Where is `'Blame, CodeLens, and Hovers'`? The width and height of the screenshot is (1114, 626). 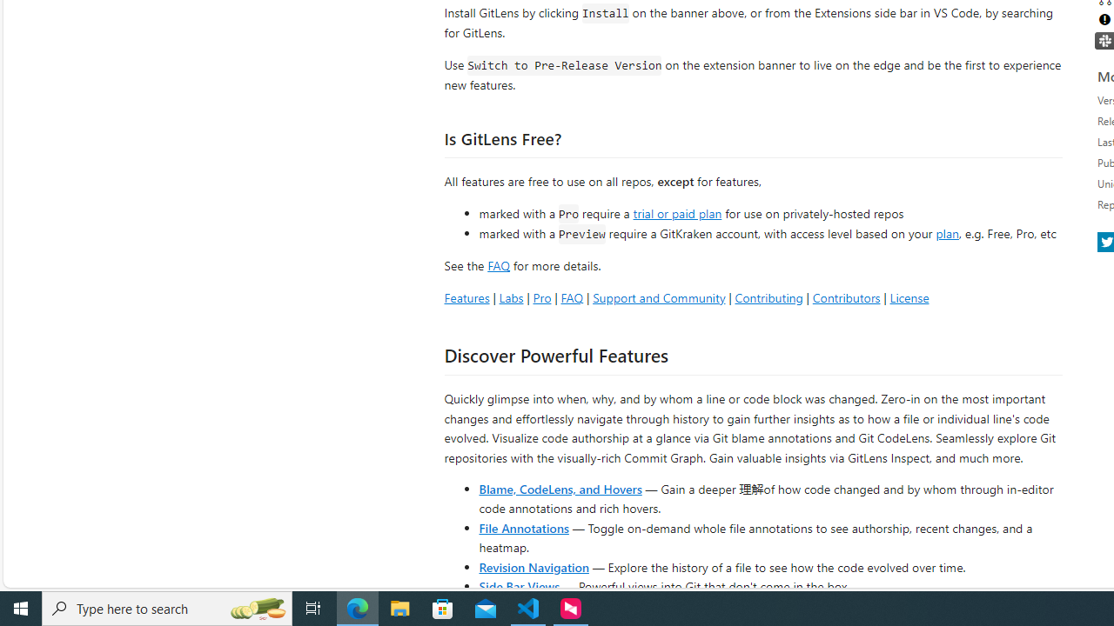
'Blame, CodeLens, and Hovers' is located at coordinates (560, 488).